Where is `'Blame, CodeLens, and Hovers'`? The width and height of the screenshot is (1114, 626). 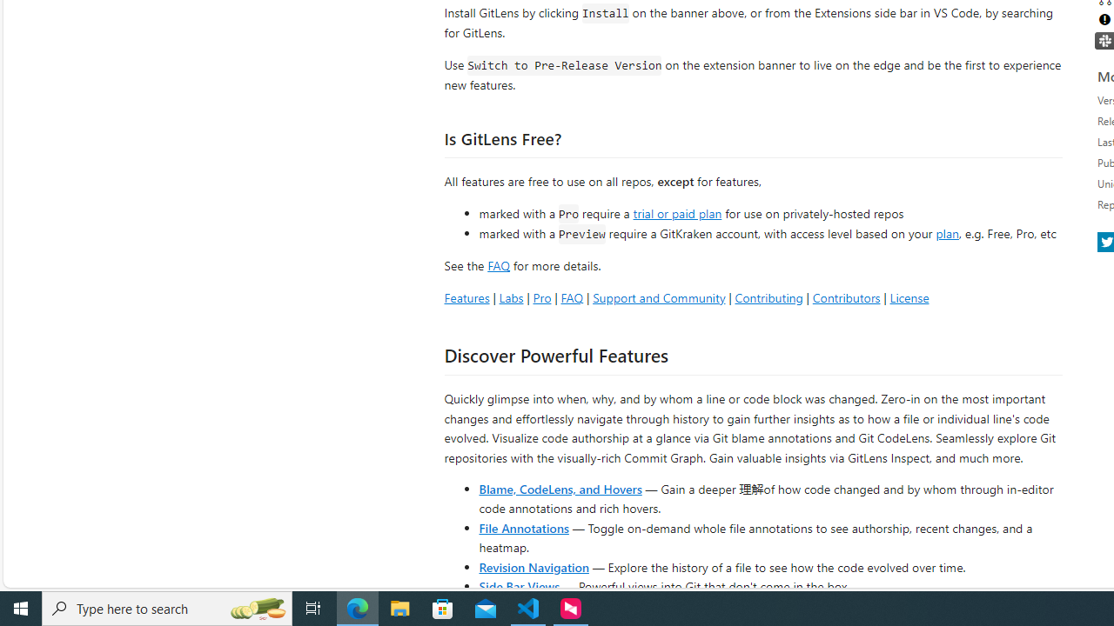
'Blame, CodeLens, and Hovers' is located at coordinates (560, 488).